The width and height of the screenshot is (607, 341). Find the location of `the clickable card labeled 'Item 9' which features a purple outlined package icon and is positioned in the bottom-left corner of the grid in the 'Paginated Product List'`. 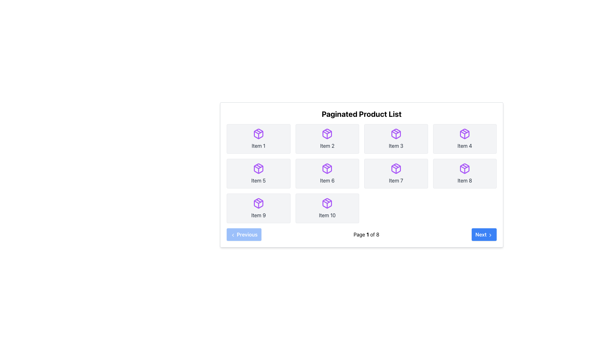

the clickable card labeled 'Item 9' which features a purple outlined package icon and is positioned in the bottom-left corner of the grid in the 'Paginated Product List' is located at coordinates (258, 208).